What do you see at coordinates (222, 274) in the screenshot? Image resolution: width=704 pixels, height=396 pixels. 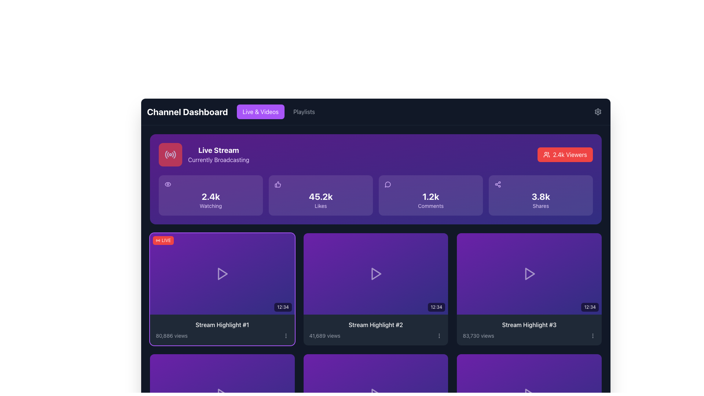 I see `the media play button icon located at the center of the card titled 'Stream Highlight #1' to play the stream` at bounding box center [222, 274].